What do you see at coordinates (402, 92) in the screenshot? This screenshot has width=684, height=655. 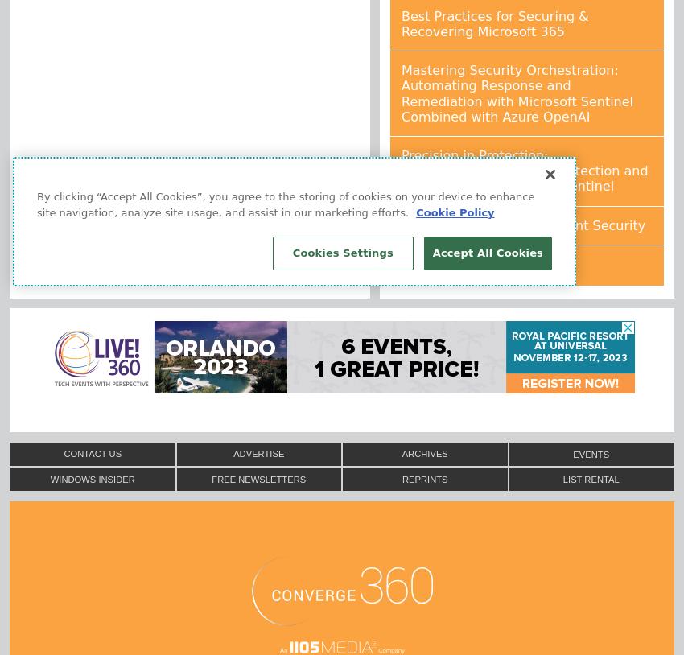 I see `'Mastering Security Orchestration: Automating Response and Remediation with Microsoft Sentinel Combined with Azure OpenAI'` at bounding box center [402, 92].